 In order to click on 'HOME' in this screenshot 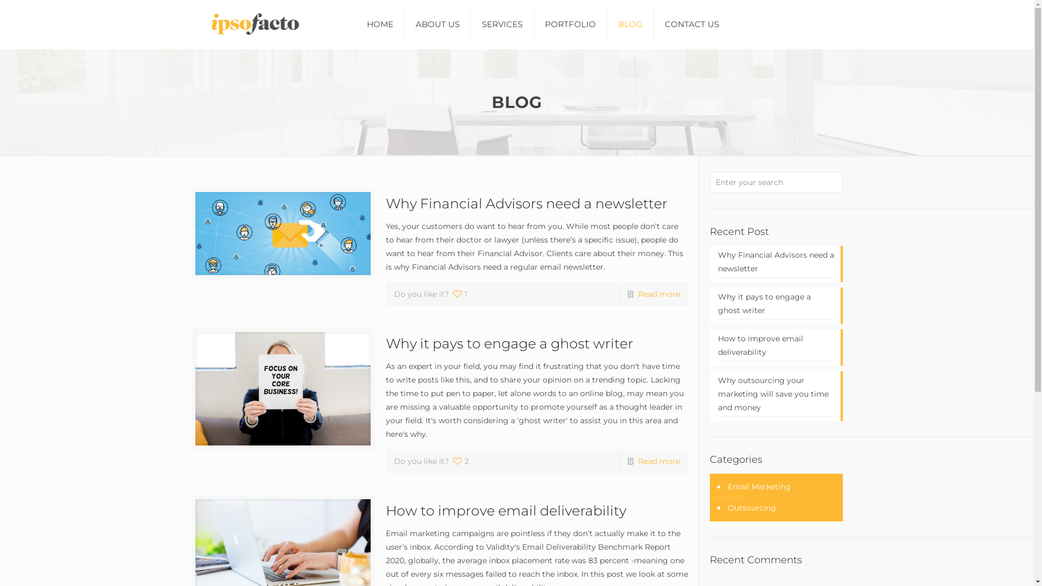, I will do `click(380, 24)`.